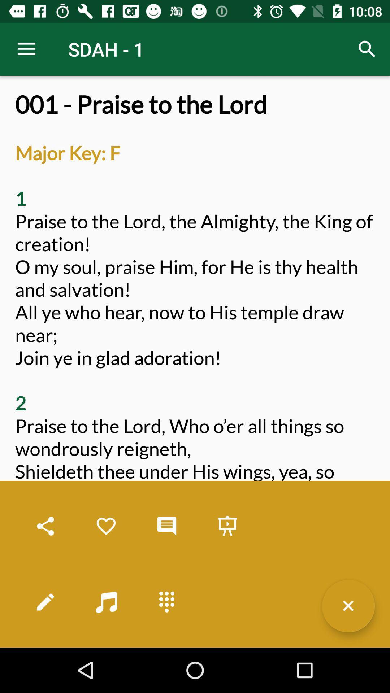  What do you see at coordinates (348, 606) in the screenshot?
I see `used to close the controls what we do n't need at the time` at bounding box center [348, 606].